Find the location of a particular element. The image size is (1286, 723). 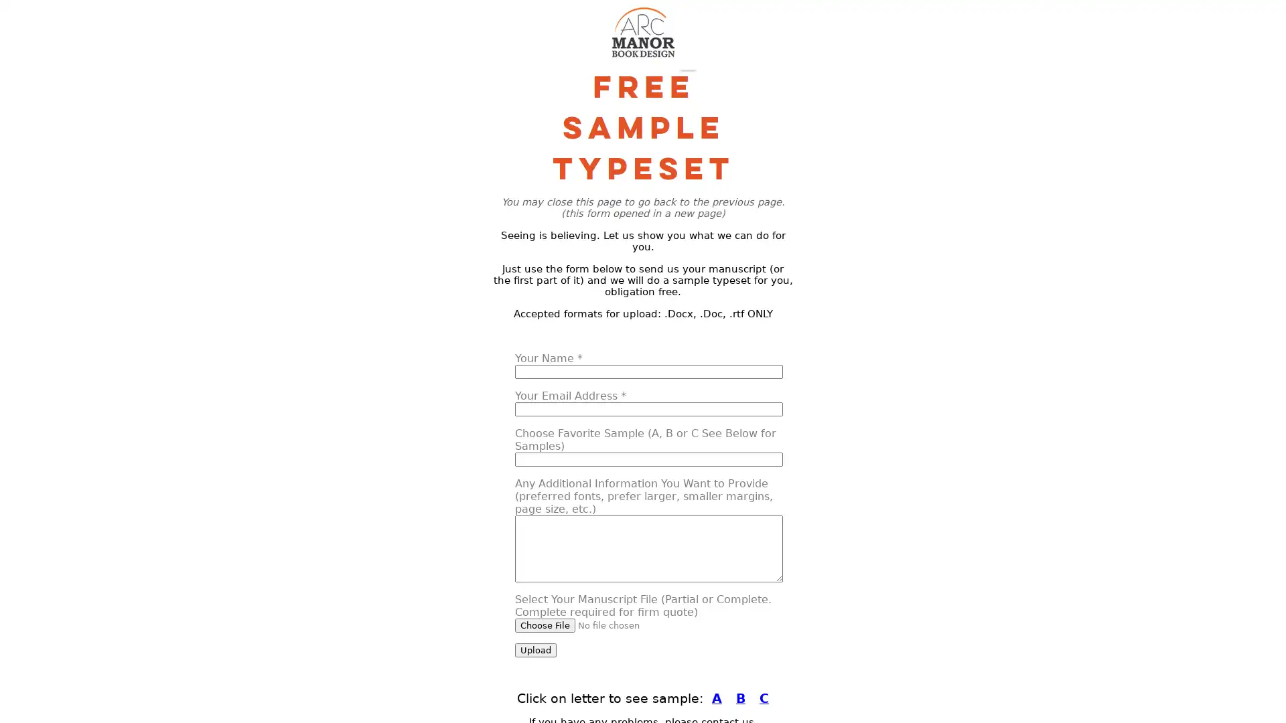

Upload is located at coordinates (536, 649).